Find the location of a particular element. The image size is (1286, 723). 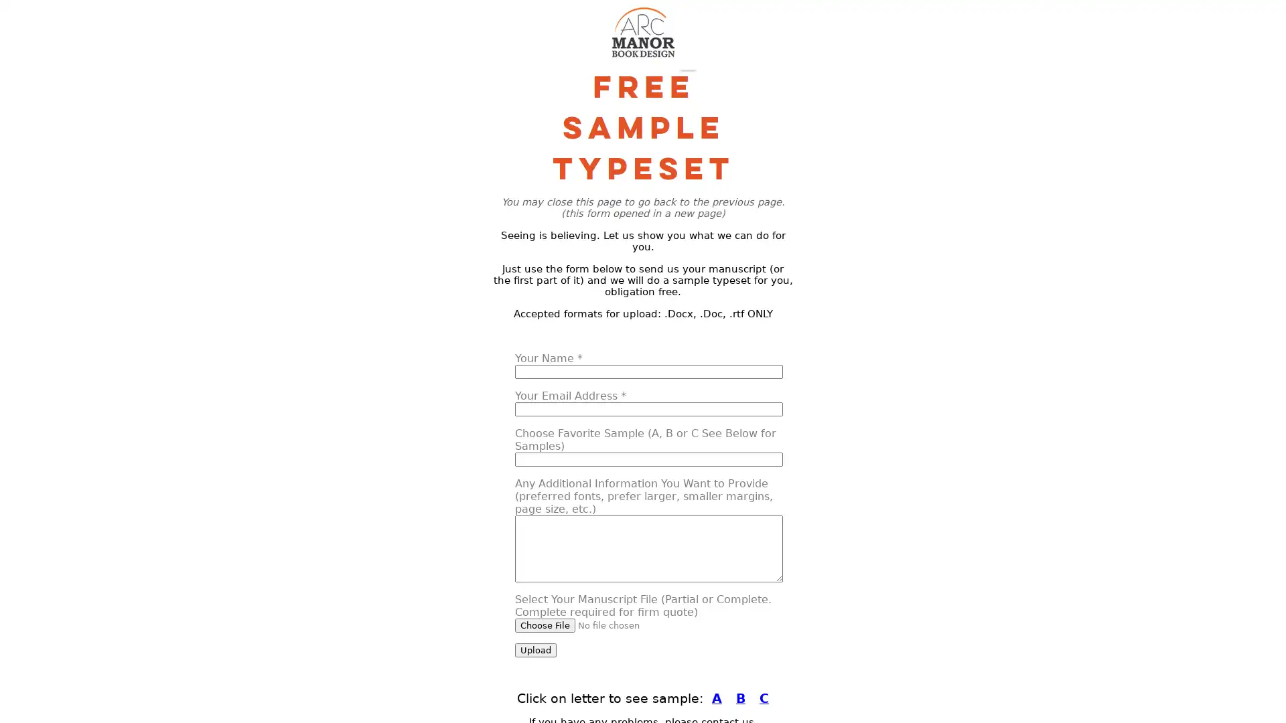

Upload is located at coordinates (536, 649).